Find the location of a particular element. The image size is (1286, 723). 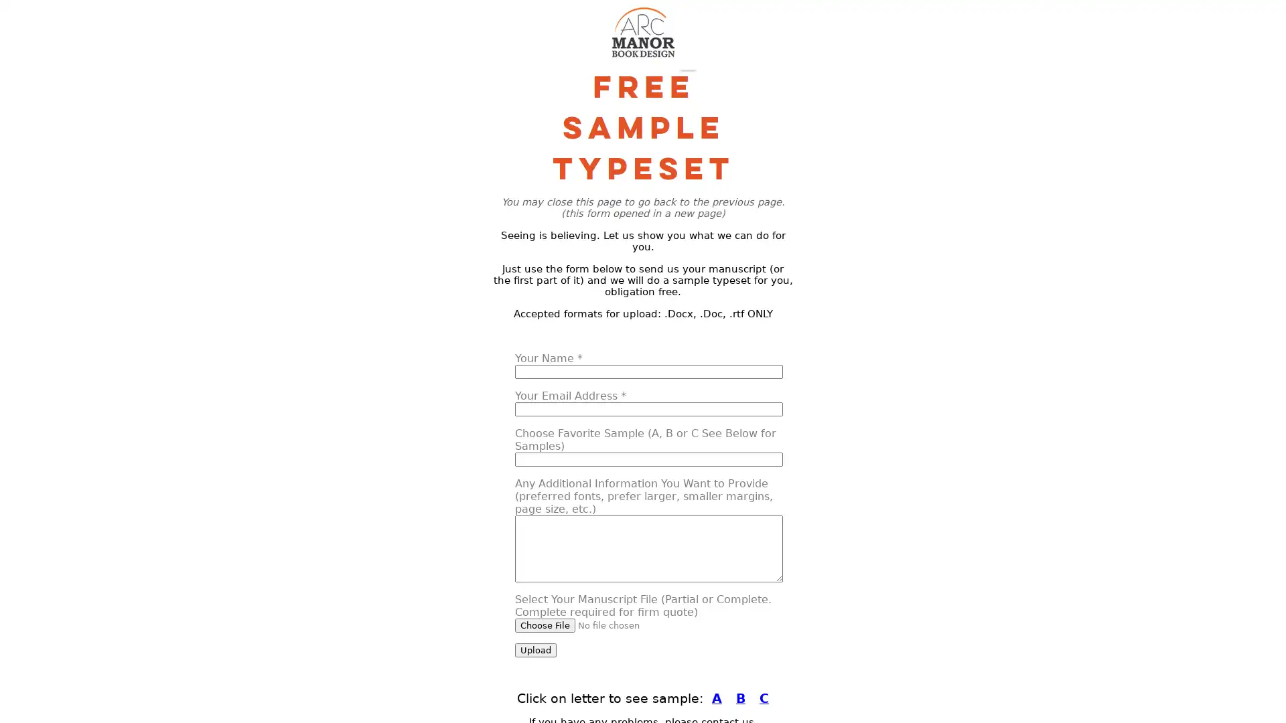

Upload is located at coordinates (536, 649).